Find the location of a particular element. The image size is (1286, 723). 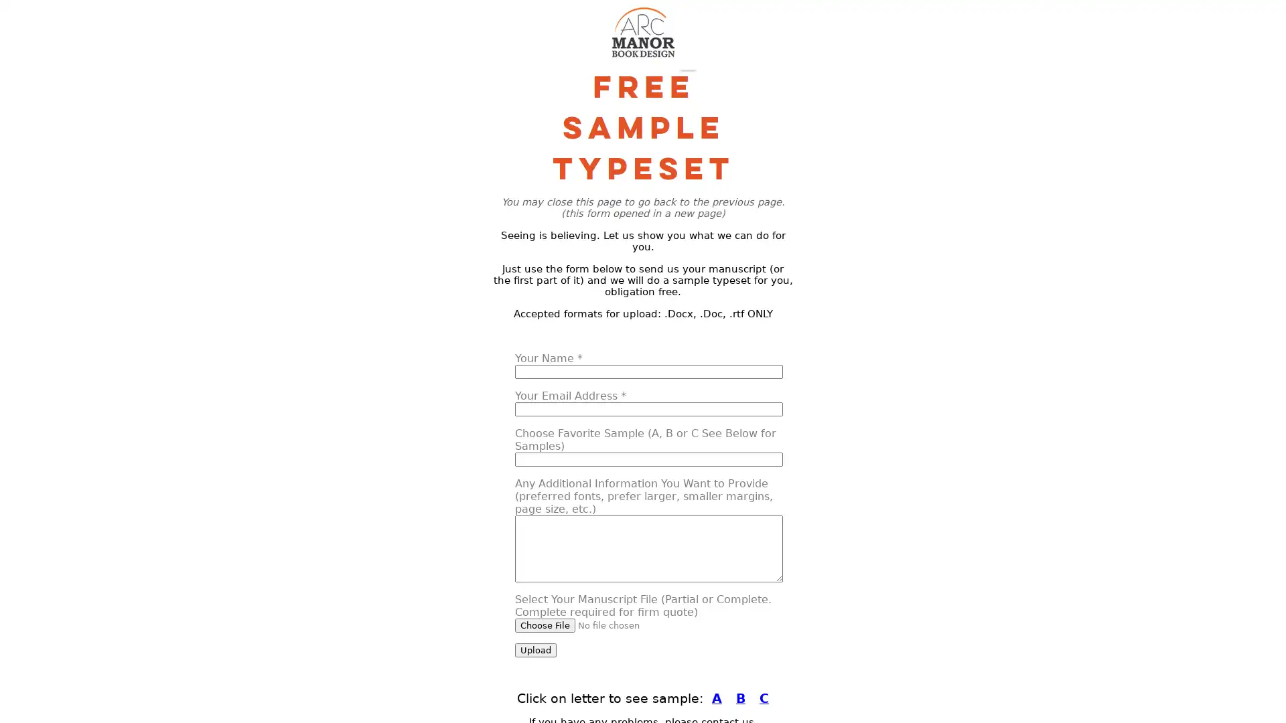

Upload is located at coordinates (536, 649).